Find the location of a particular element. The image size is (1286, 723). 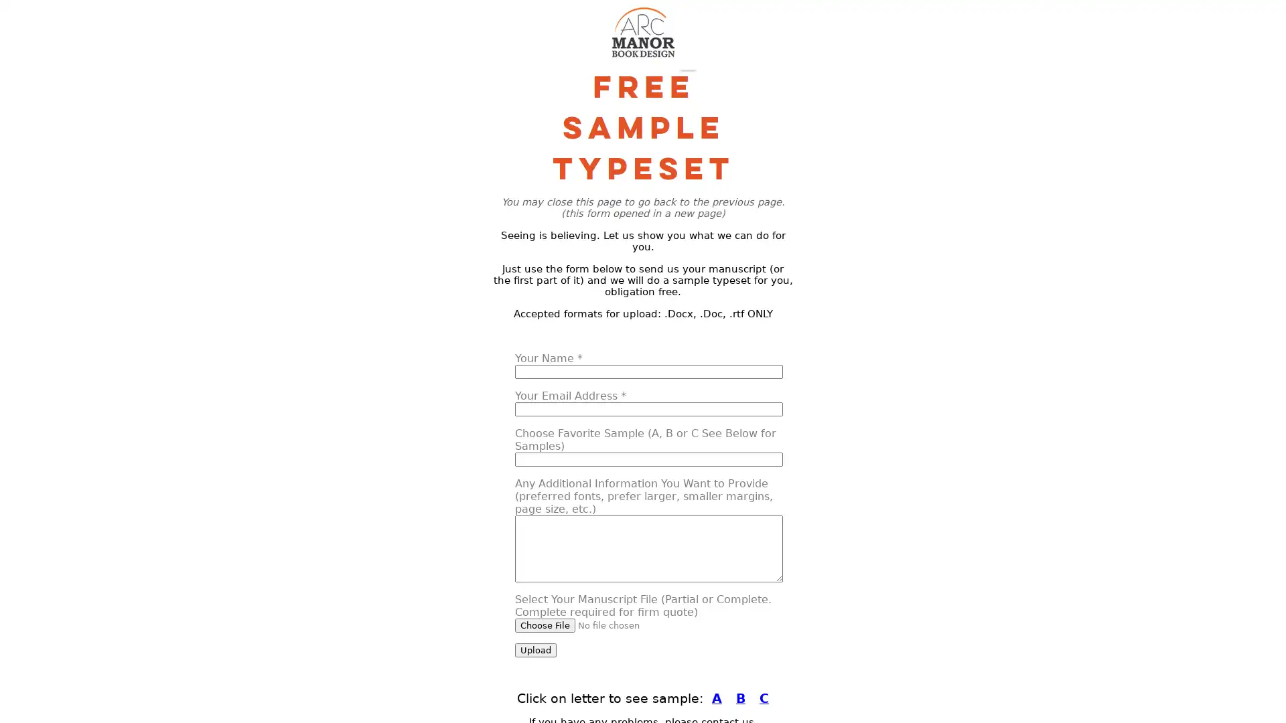

Upload is located at coordinates (536, 649).